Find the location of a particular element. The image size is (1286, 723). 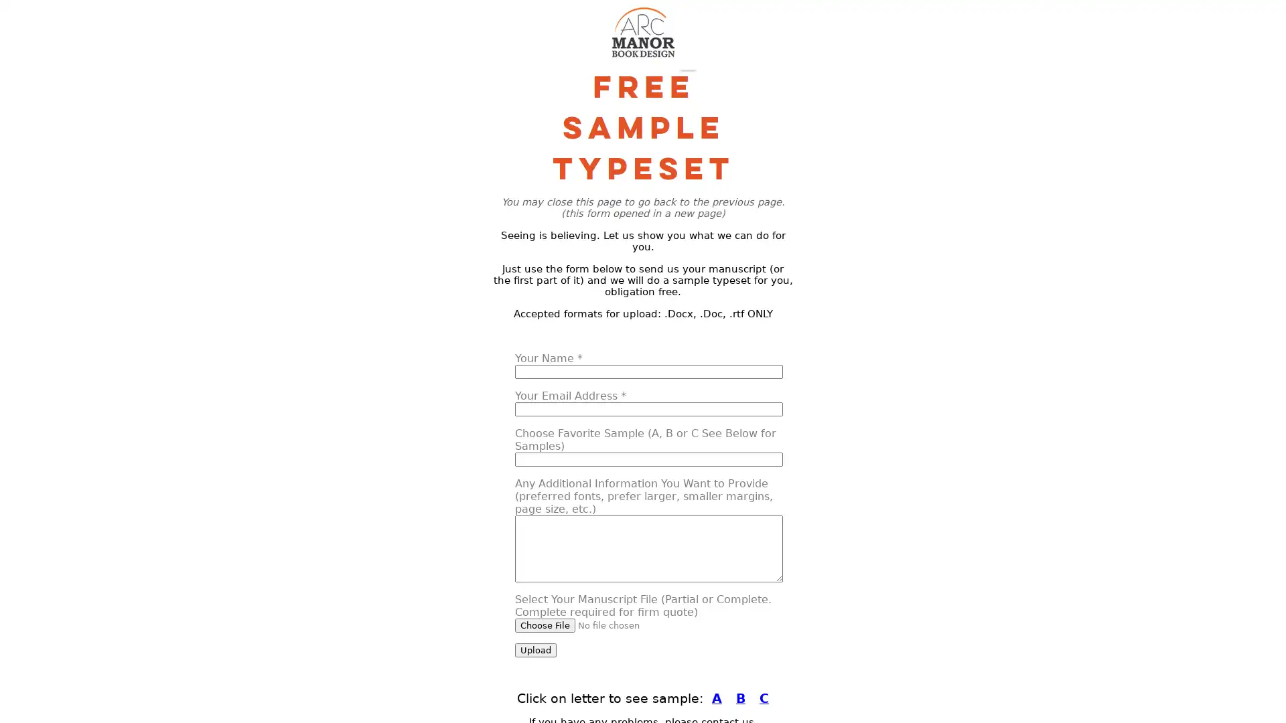

Upload is located at coordinates (536, 649).